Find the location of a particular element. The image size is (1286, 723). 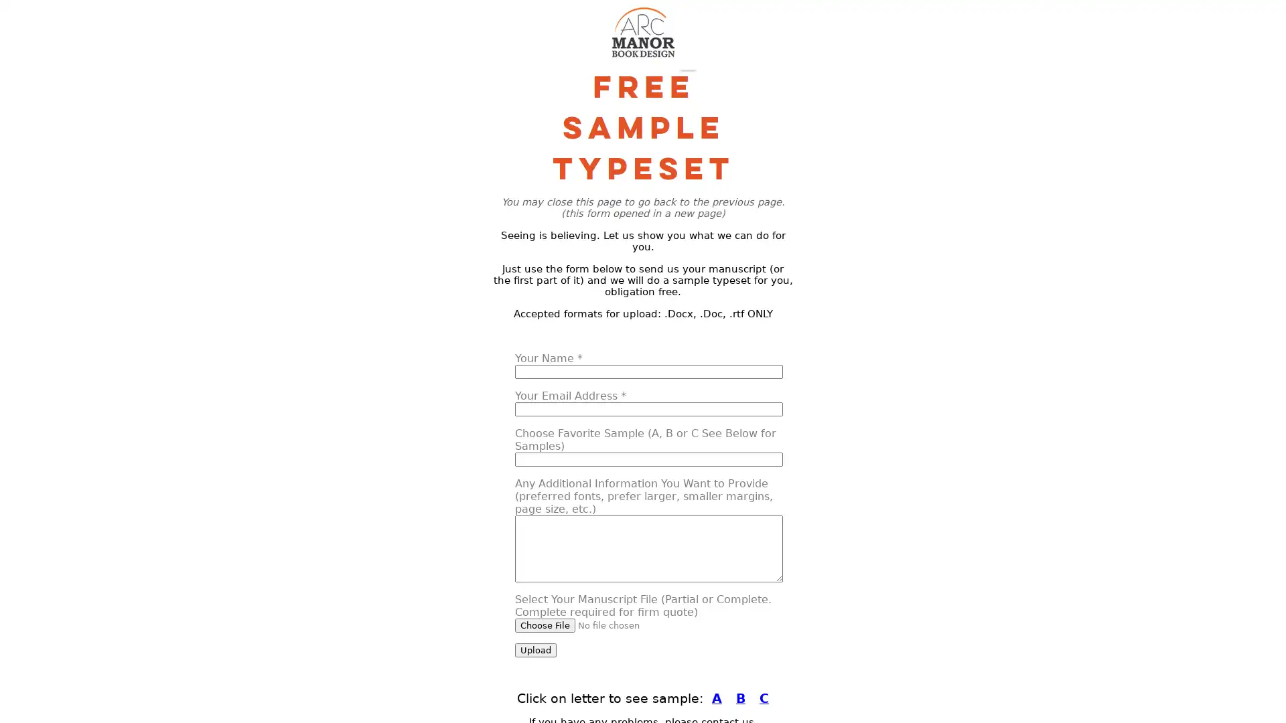

Upload is located at coordinates (536, 649).